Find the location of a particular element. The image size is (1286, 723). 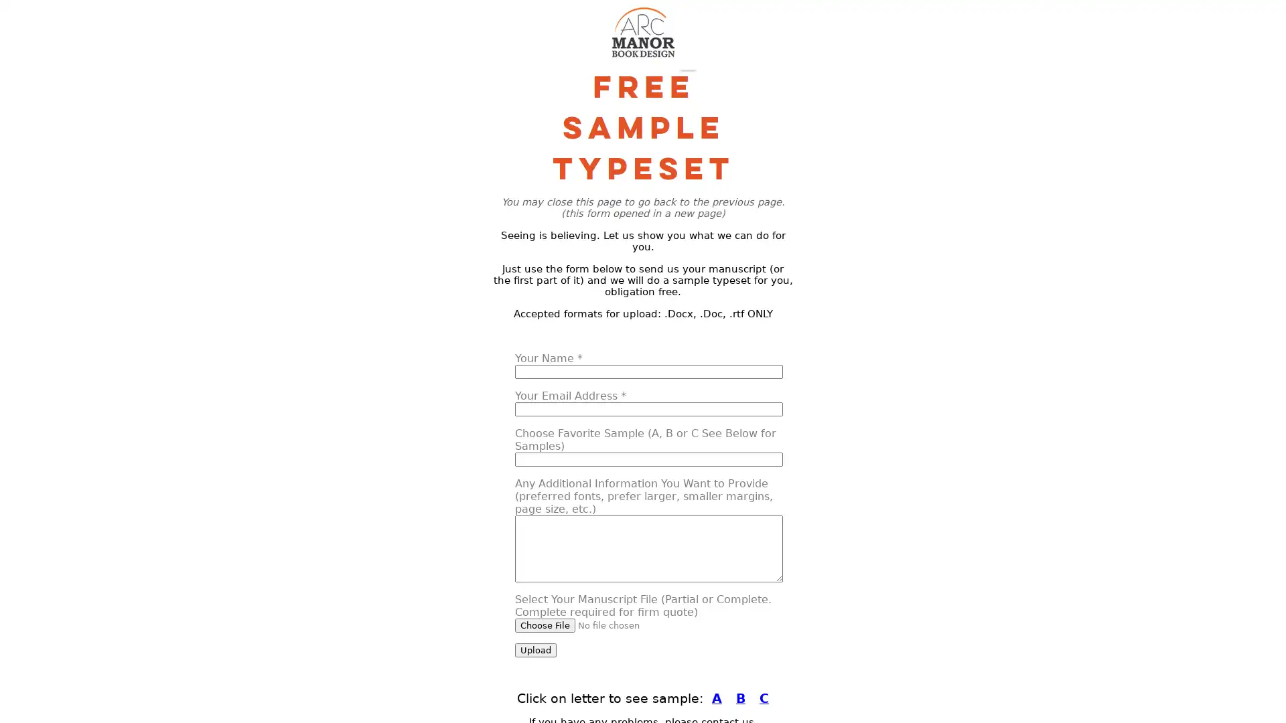

Upload is located at coordinates (536, 649).